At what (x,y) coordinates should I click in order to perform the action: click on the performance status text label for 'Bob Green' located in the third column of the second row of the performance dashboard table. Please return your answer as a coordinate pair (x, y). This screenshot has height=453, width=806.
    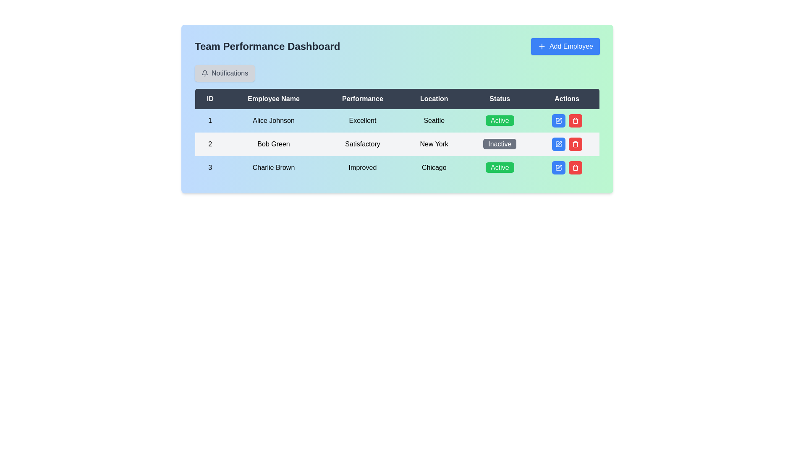
    Looking at the image, I should click on (363, 143).